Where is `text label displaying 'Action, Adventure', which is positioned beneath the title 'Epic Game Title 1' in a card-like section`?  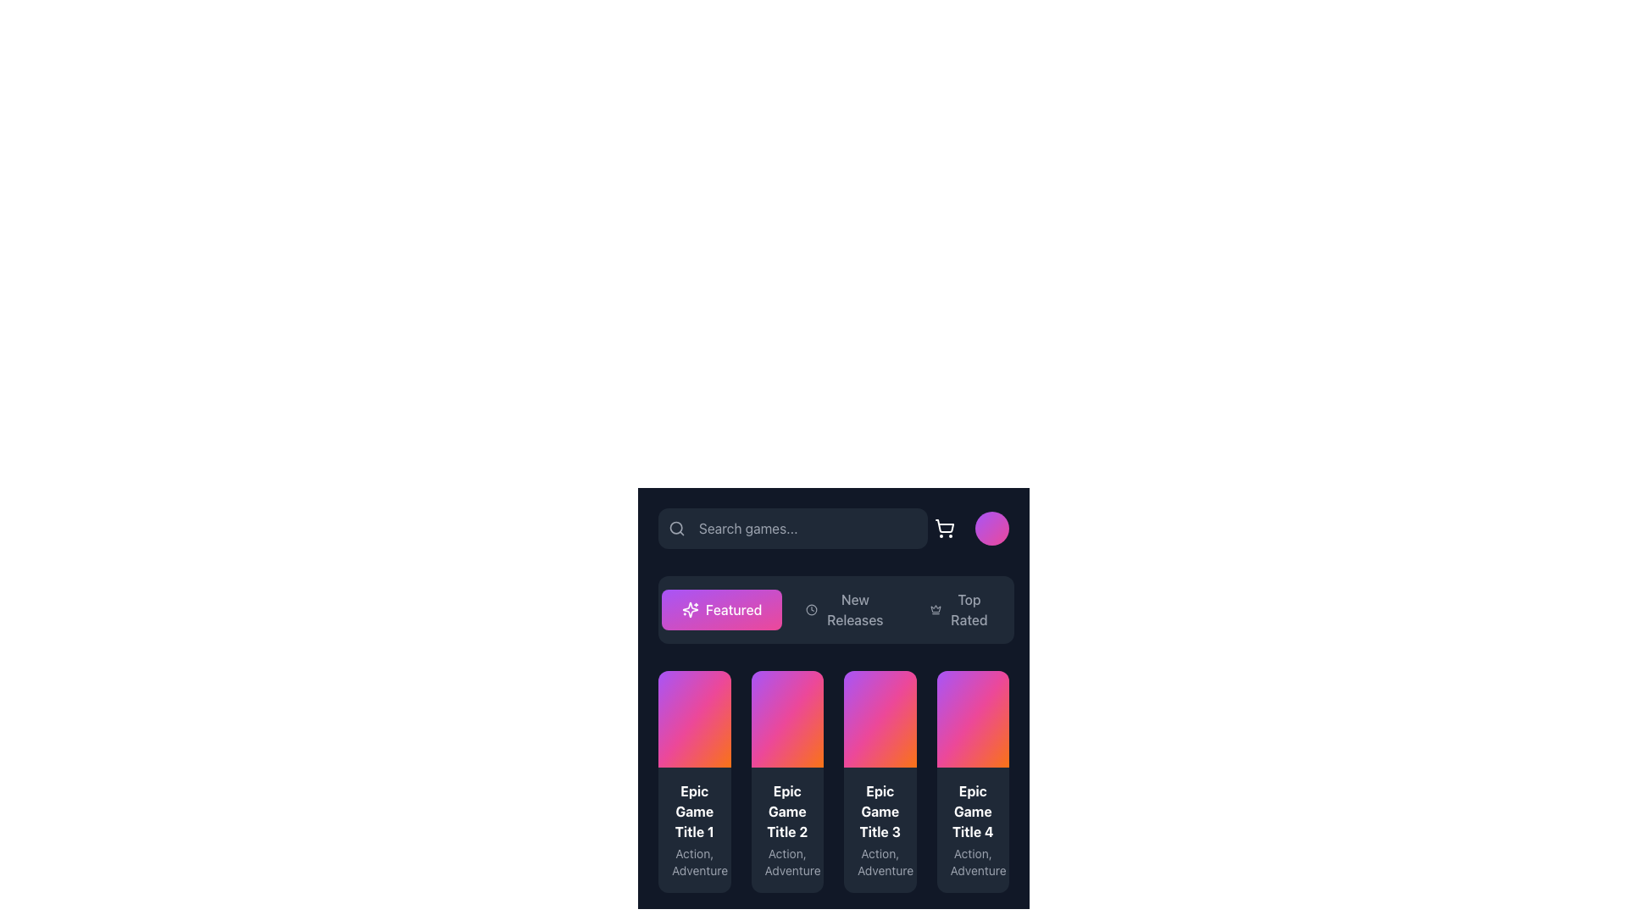
text label displaying 'Action, Adventure', which is positioned beneath the title 'Epic Game Title 1' in a card-like section is located at coordinates (694, 862).